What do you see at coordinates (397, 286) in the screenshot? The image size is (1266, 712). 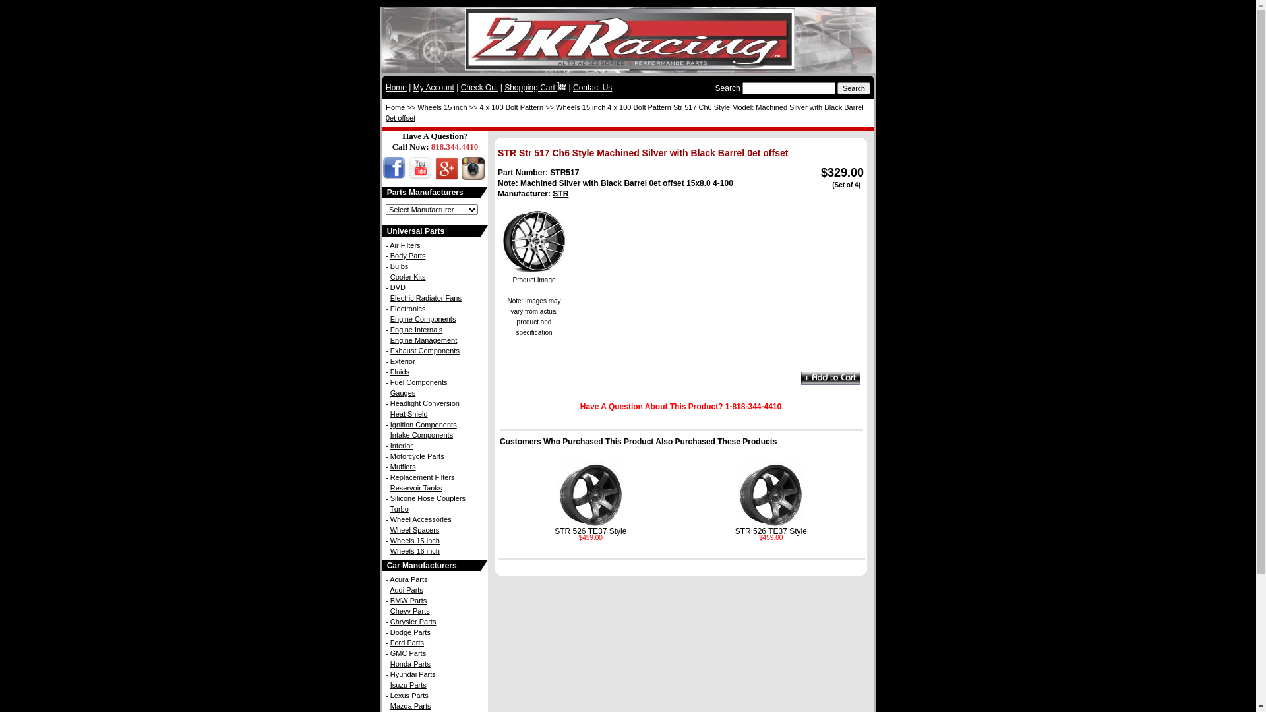 I see `'DVD'` at bounding box center [397, 286].